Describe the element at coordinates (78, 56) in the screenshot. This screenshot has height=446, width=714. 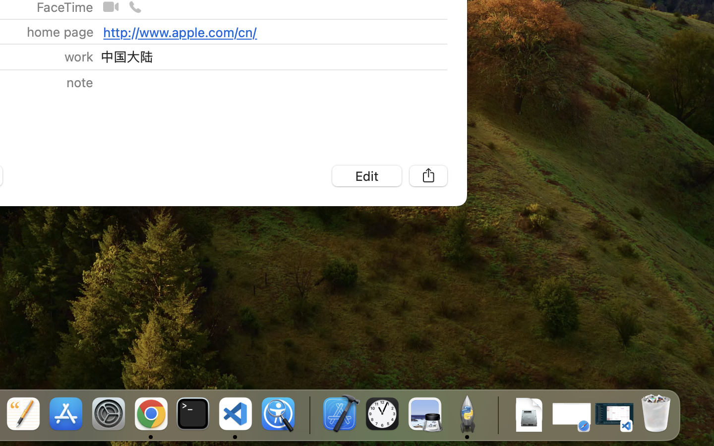
I see `'work'` at that location.